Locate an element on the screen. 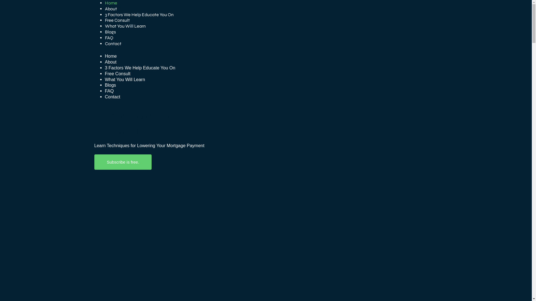 The width and height of the screenshot is (536, 301). 'What You Will Learn' is located at coordinates (105, 79).